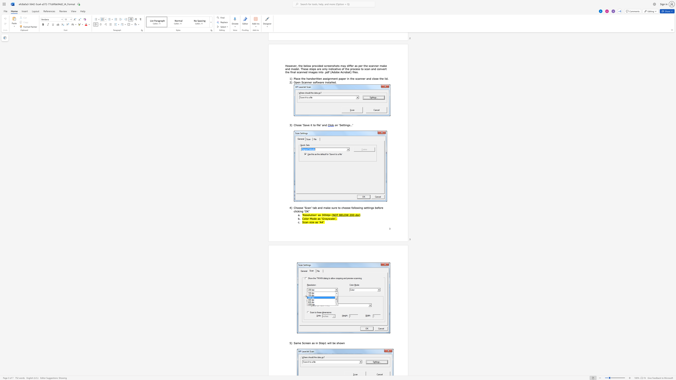  What do you see at coordinates (304, 222) in the screenshot?
I see `the space between the continuous character "S" and "c" in the text` at bounding box center [304, 222].